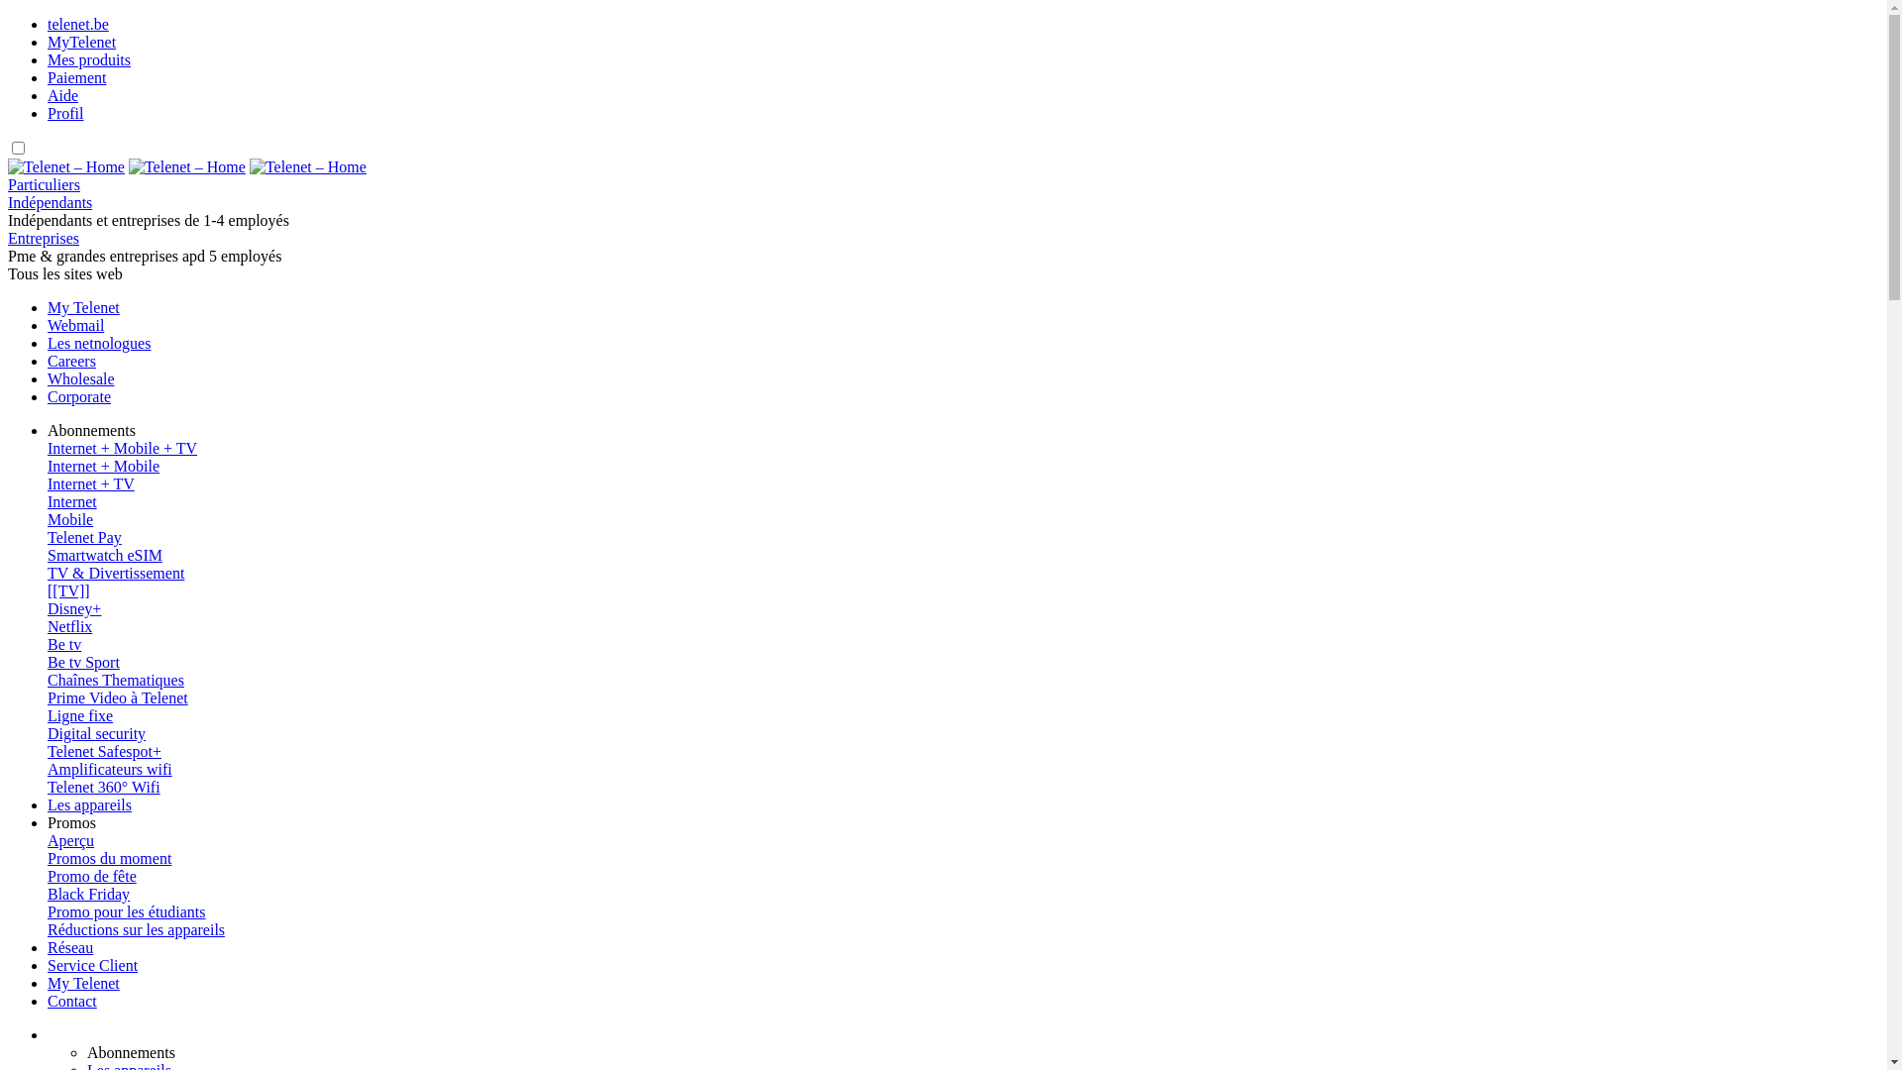  What do you see at coordinates (71, 361) in the screenshot?
I see `'Careers'` at bounding box center [71, 361].